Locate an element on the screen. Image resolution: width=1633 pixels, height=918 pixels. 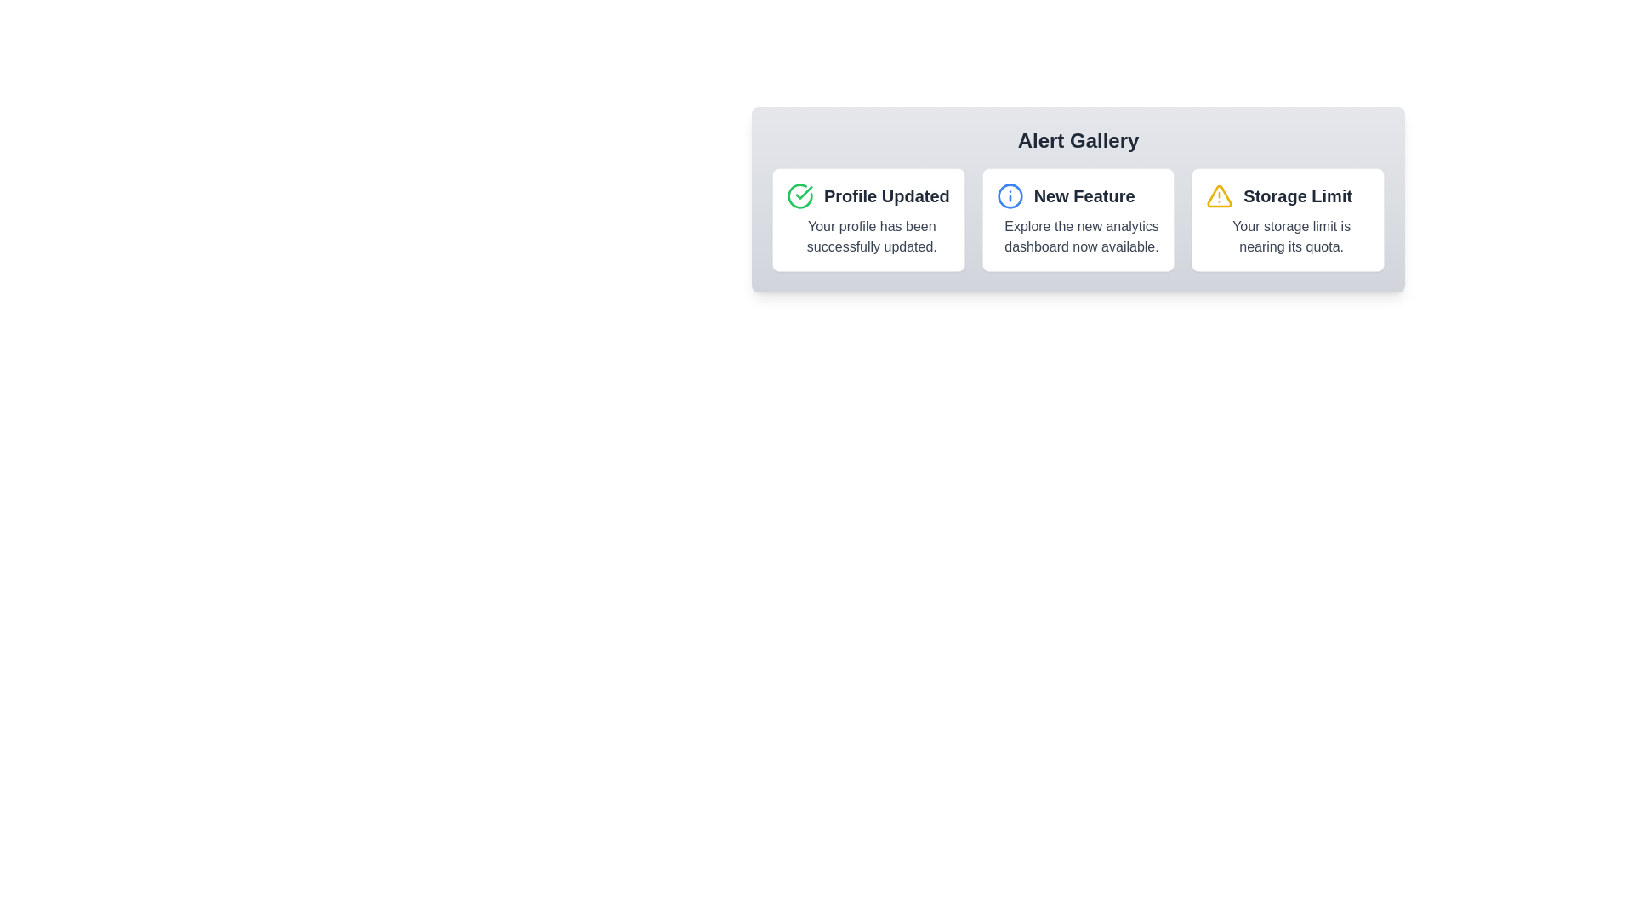
the Text Label that indicates the status update message for the user, located under 'Alert Gallery' and to the right of a green check mark icon is located at coordinates (885, 195).